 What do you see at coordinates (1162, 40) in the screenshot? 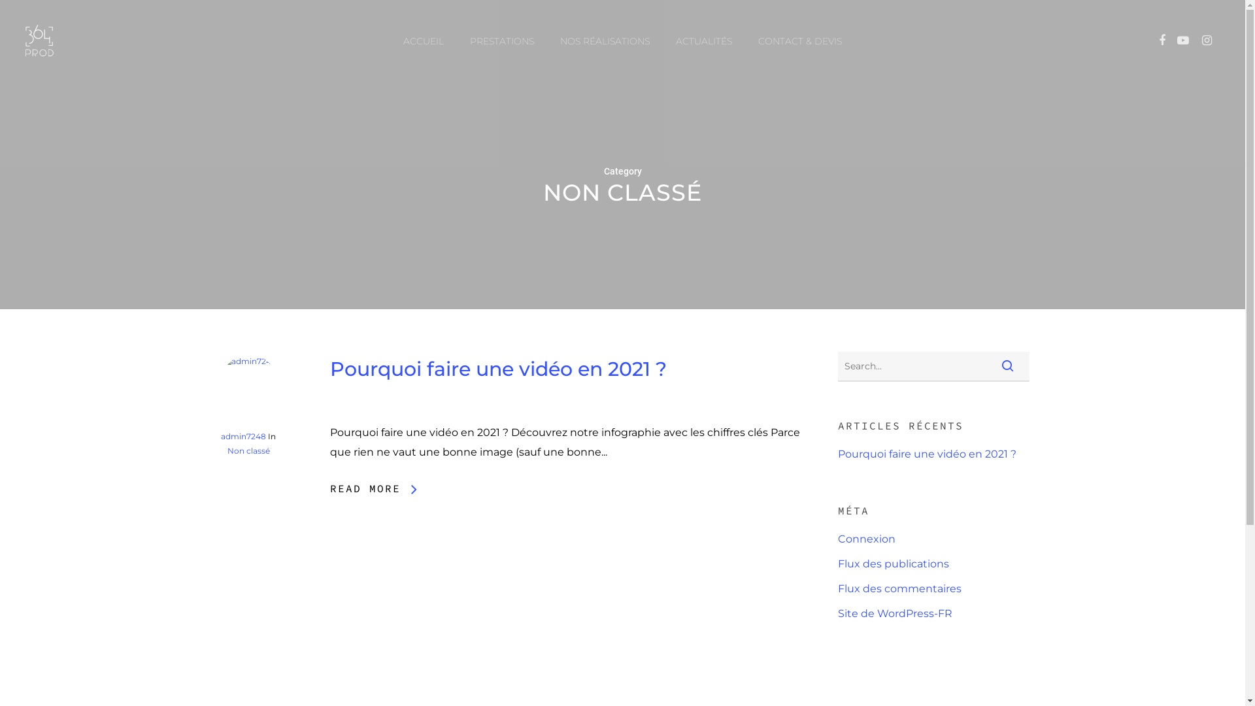
I see `'FACEBOOK'` at bounding box center [1162, 40].